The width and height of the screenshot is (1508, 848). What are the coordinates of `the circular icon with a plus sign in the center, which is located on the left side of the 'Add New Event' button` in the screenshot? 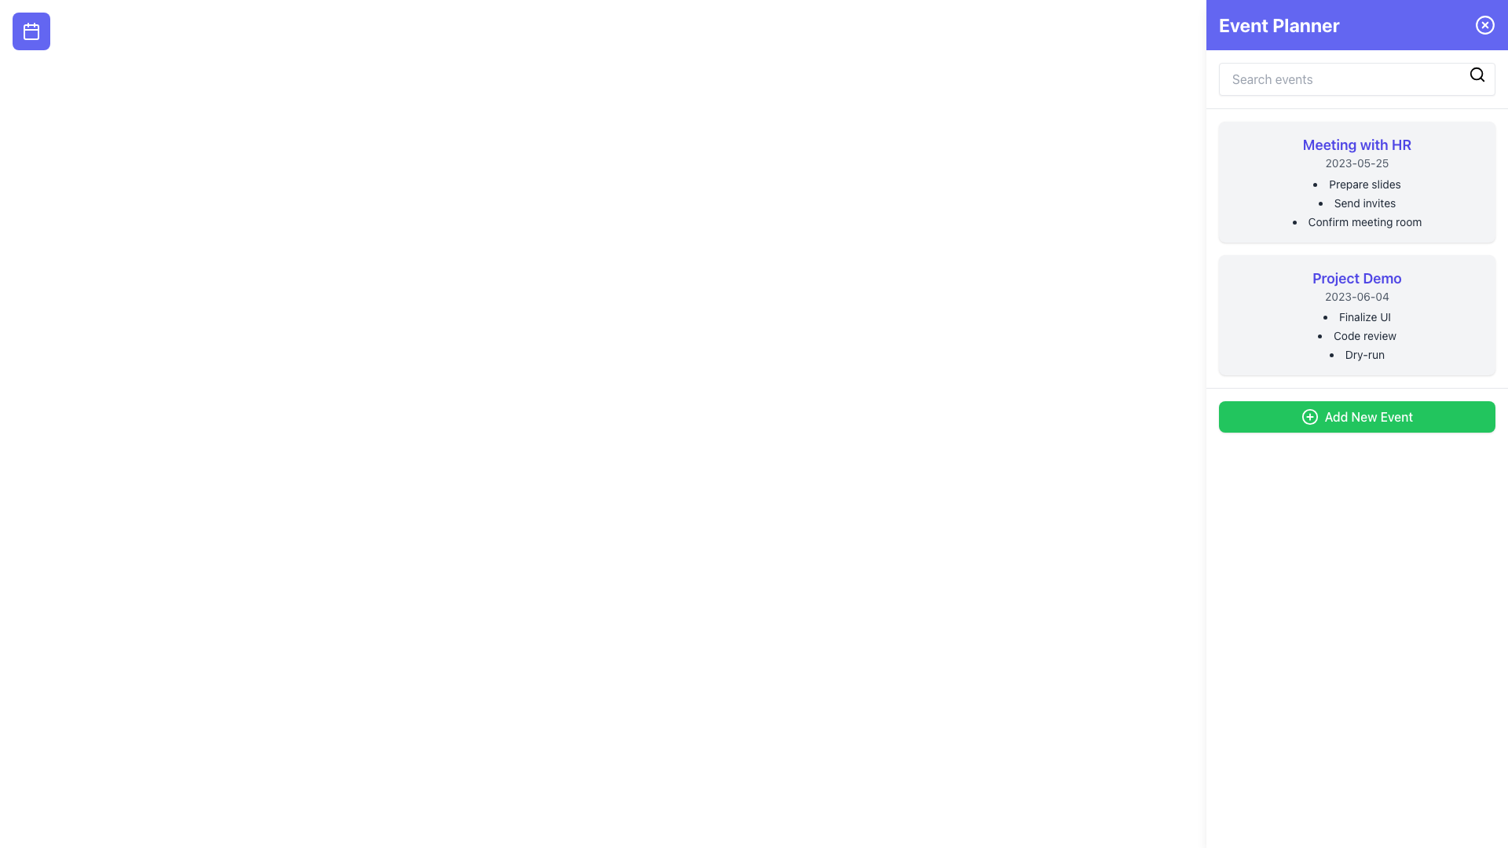 It's located at (1309, 416).